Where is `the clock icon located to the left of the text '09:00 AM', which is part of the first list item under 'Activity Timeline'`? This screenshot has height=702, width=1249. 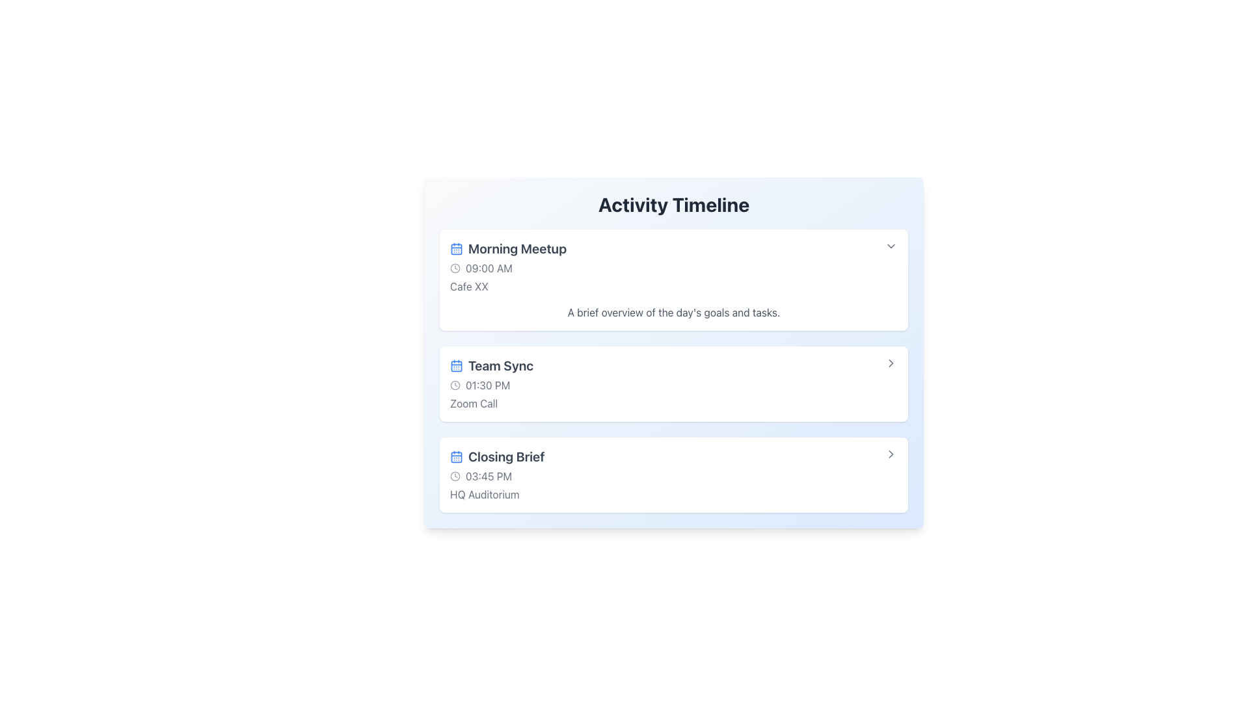 the clock icon located to the left of the text '09:00 AM', which is part of the first list item under 'Activity Timeline' is located at coordinates (455, 267).